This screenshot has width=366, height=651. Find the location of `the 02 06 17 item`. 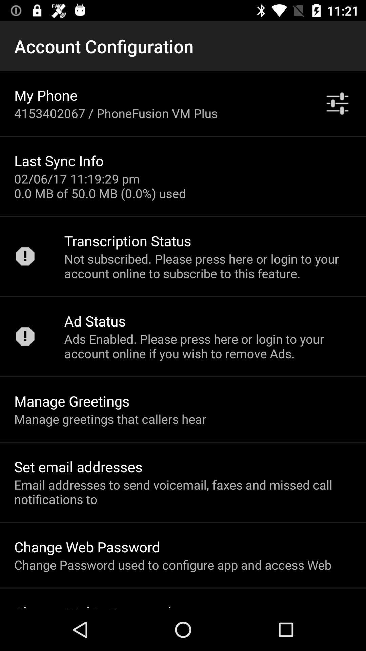

the 02 06 17 item is located at coordinates (100, 186).